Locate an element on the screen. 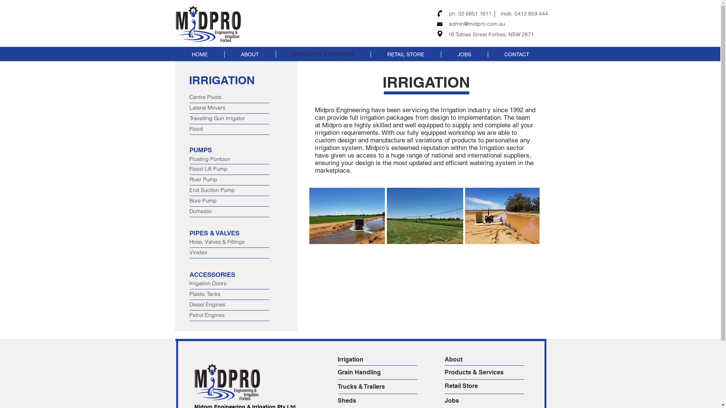  'Domestic' is located at coordinates (216, 212).